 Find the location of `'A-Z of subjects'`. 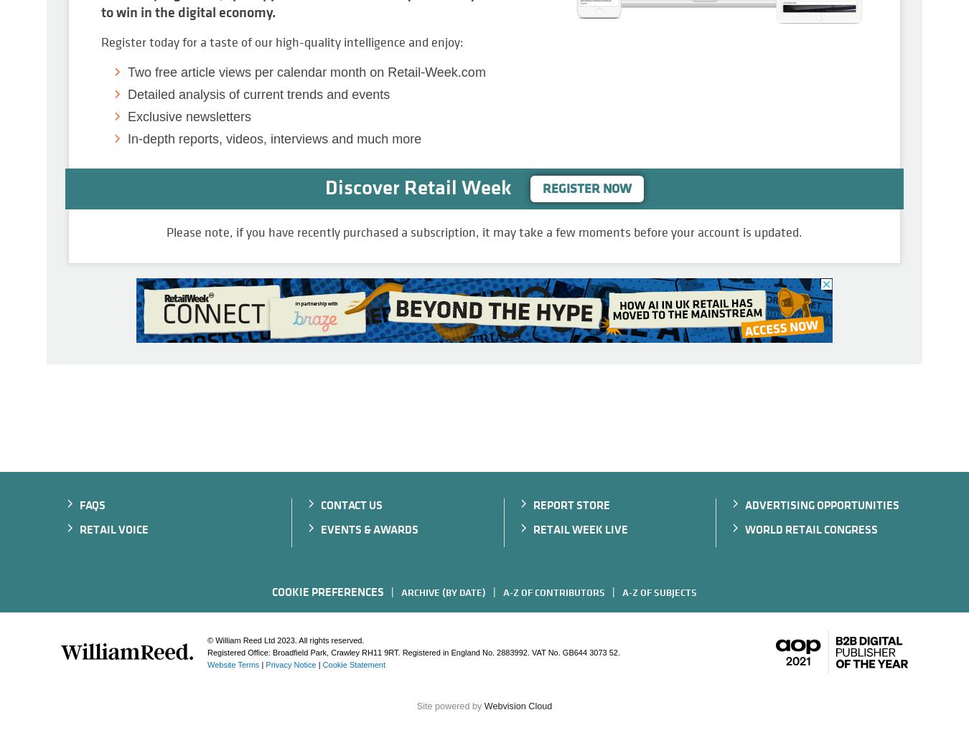

'A-Z of subjects' is located at coordinates (622, 592).